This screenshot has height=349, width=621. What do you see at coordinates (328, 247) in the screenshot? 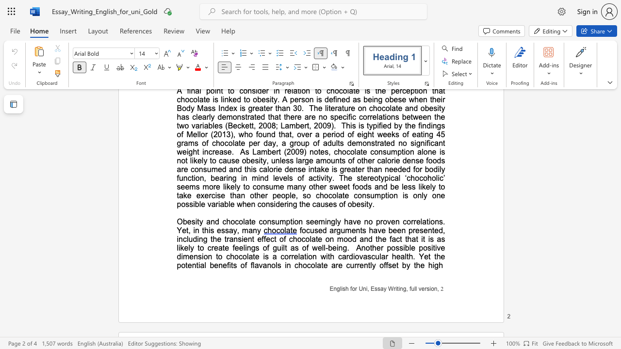
I see `the subset text "be" within the text "focused arguments have been presented, including the transient effect of chocolate on mood and the fact that it is as likely to create feelings of guilt as of well-being"` at bounding box center [328, 247].